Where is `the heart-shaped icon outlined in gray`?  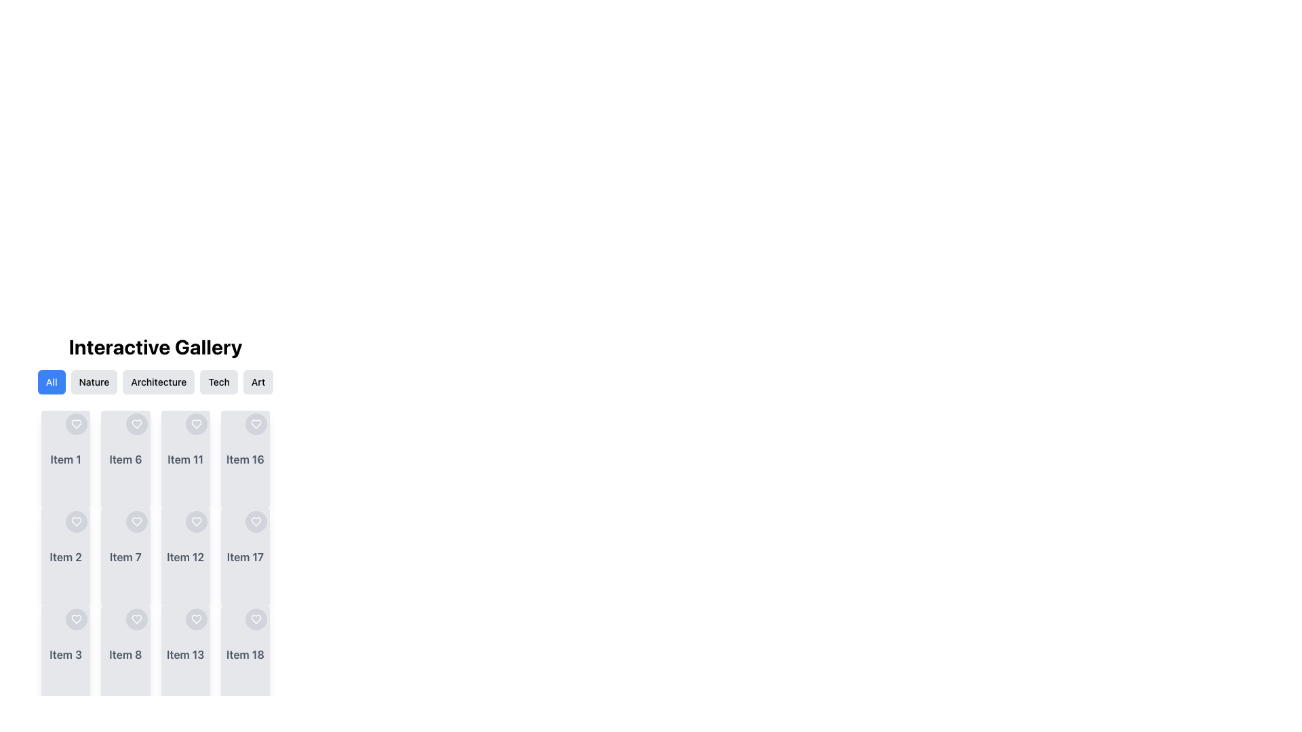 the heart-shaped icon outlined in gray is located at coordinates (136, 619).